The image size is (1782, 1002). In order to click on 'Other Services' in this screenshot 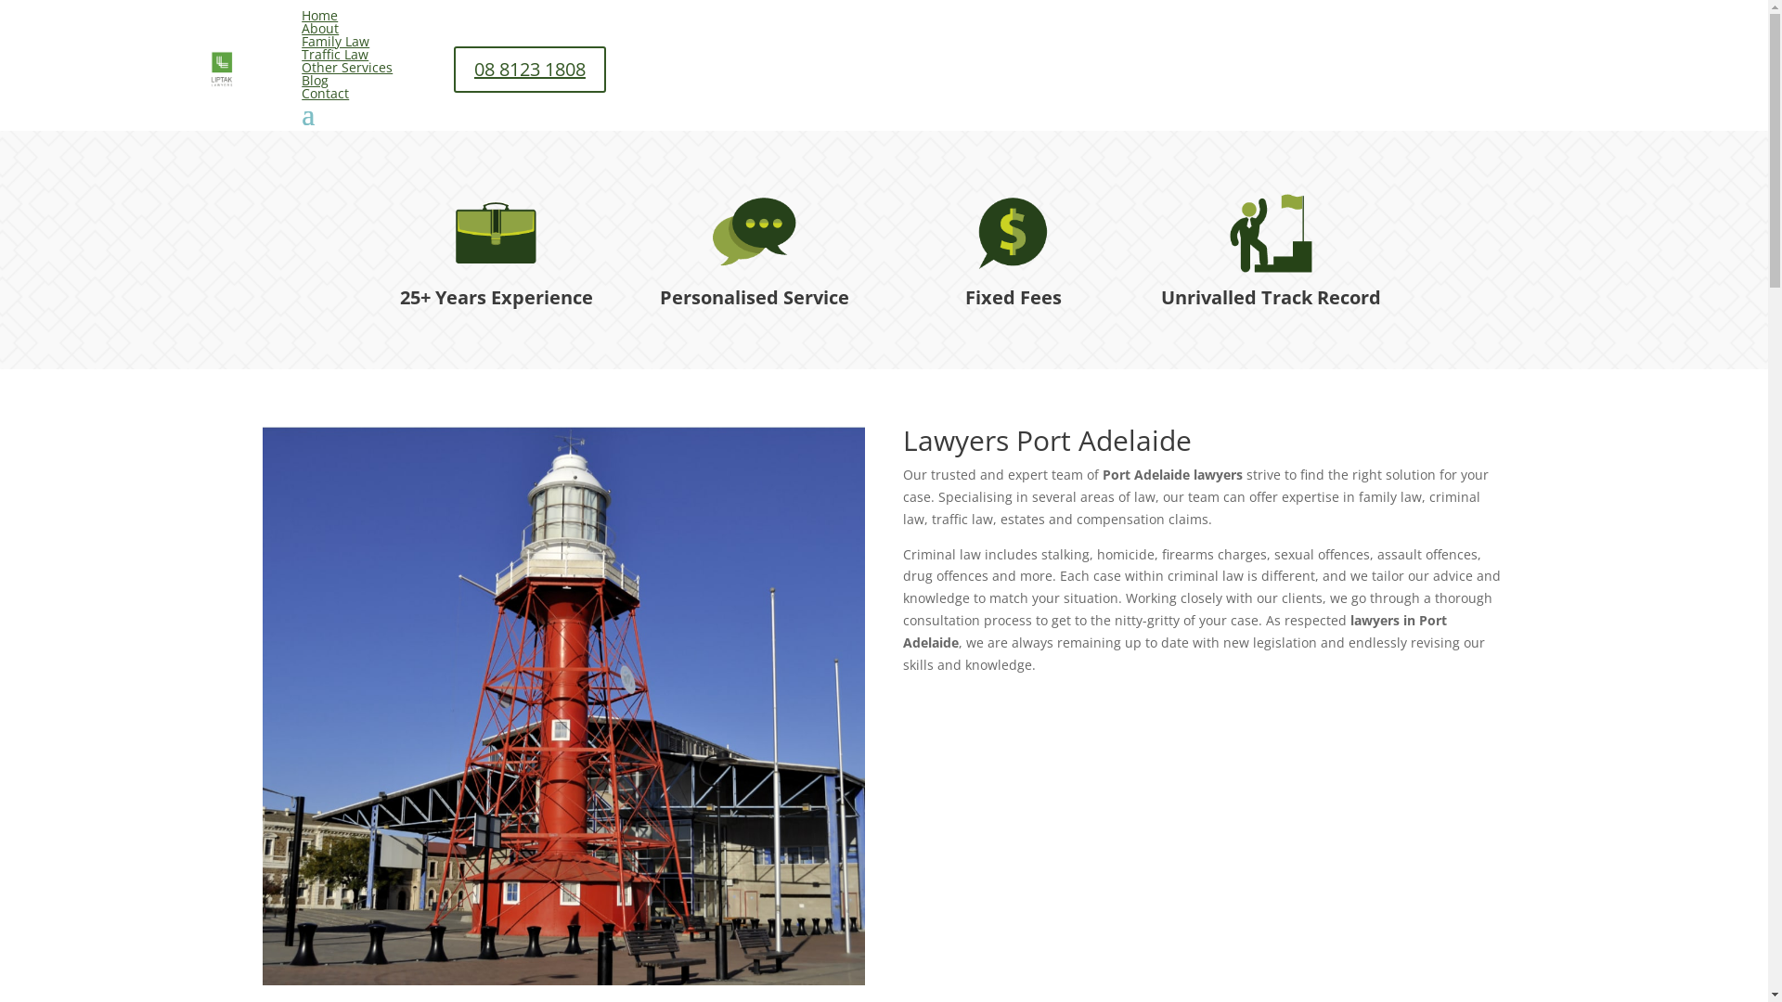, I will do `click(347, 66)`.